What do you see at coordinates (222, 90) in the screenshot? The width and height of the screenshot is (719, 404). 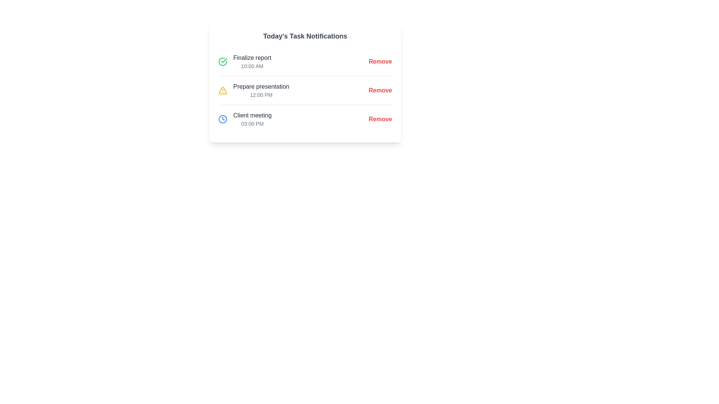 I see `the warning icon located to the left of the 'Prepare presentation' text, vertically aligned with the '12:00 PM' time label in the task notifications list` at bounding box center [222, 90].